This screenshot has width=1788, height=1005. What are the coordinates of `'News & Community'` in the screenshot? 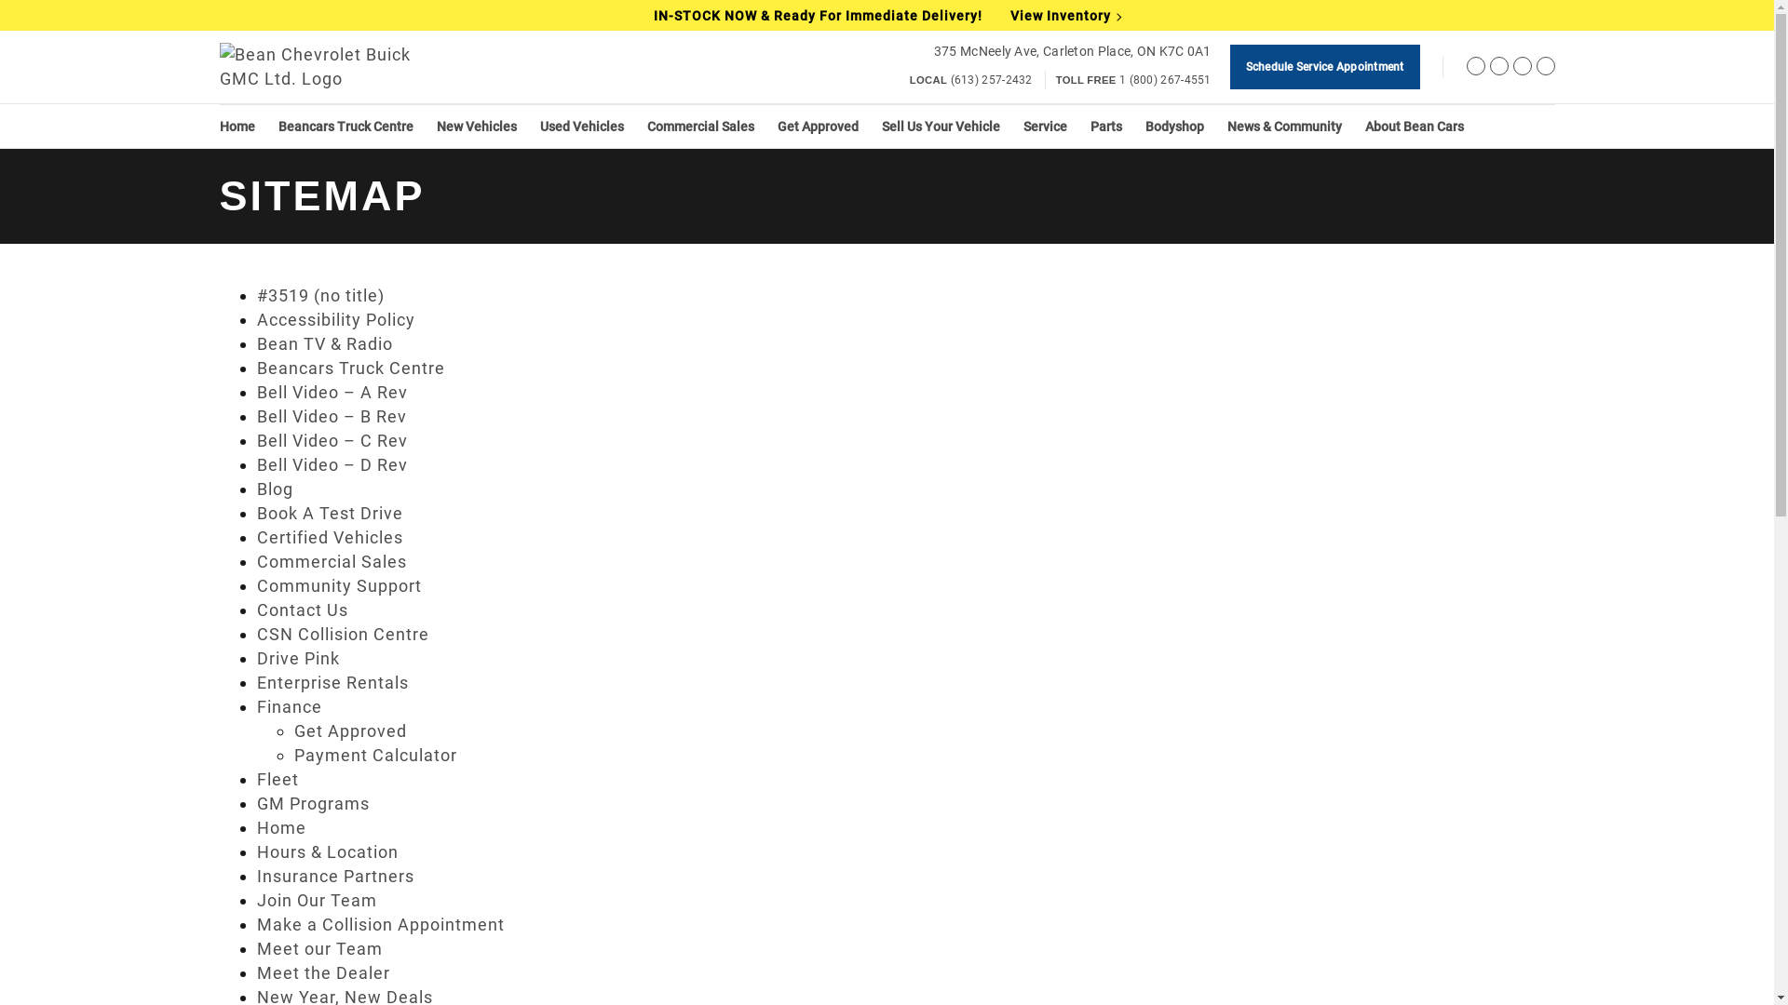 It's located at (1283, 126).